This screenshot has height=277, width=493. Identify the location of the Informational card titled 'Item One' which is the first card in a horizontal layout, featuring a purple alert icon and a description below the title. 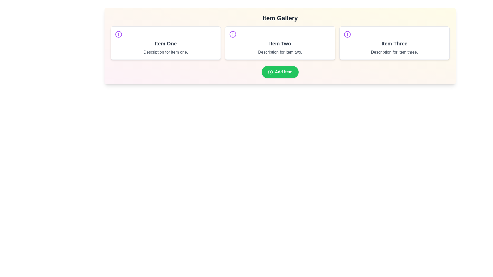
(166, 43).